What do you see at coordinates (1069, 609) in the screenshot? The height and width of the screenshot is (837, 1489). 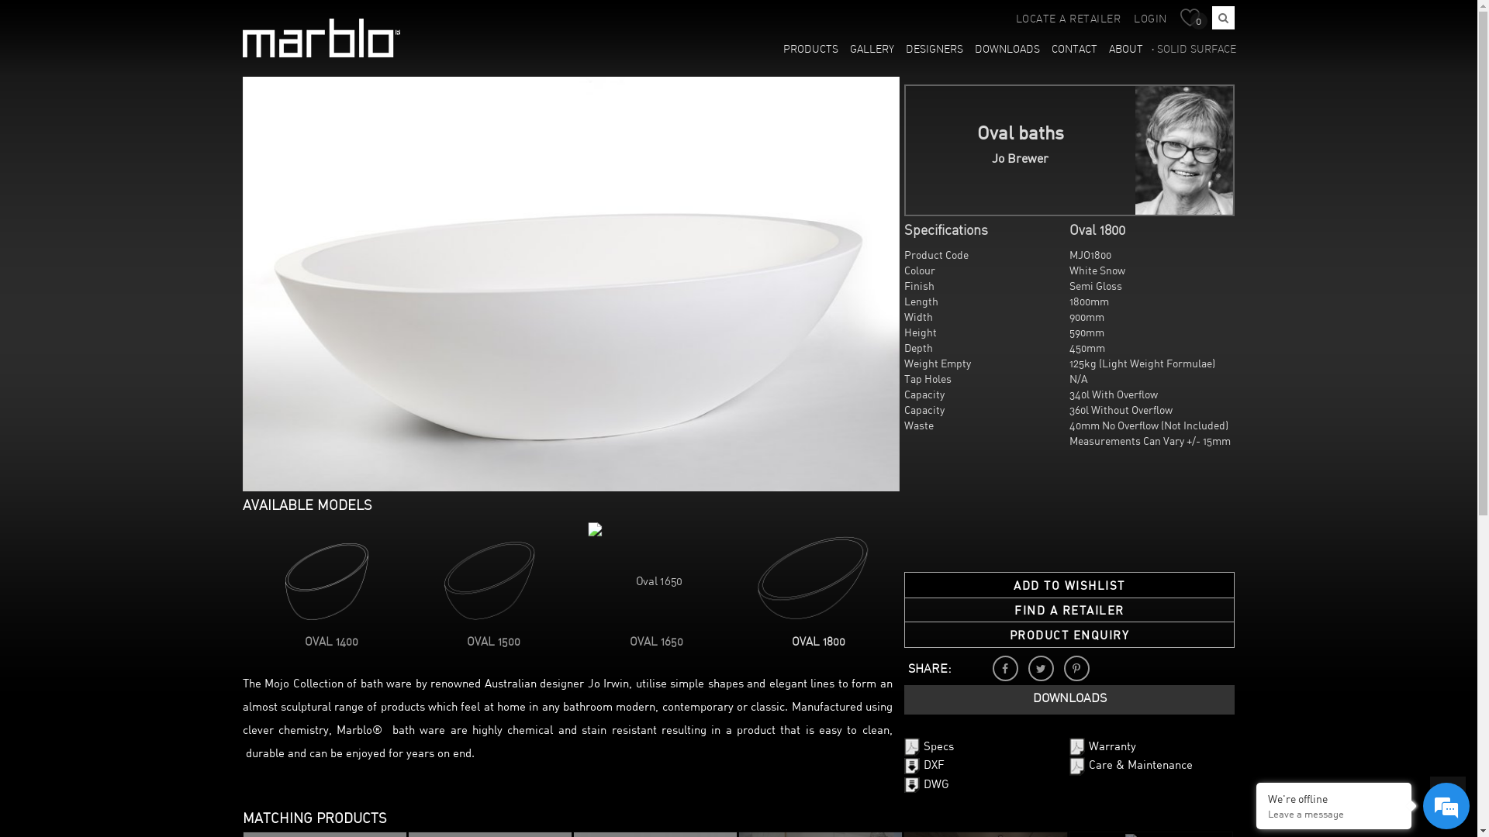 I see `'FIND A RETAILER'` at bounding box center [1069, 609].